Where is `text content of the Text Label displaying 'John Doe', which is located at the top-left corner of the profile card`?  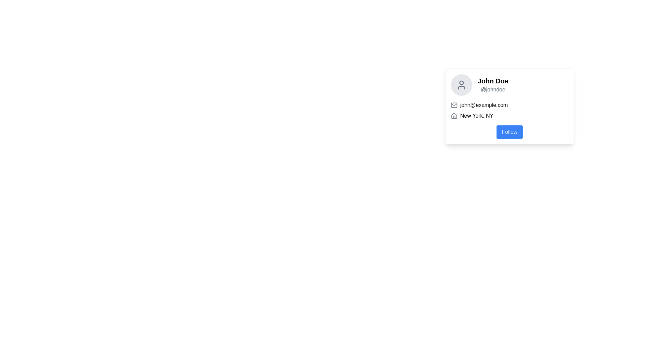 text content of the Text Label displaying 'John Doe', which is located at the top-left corner of the profile card is located at coordinates (493, 80).